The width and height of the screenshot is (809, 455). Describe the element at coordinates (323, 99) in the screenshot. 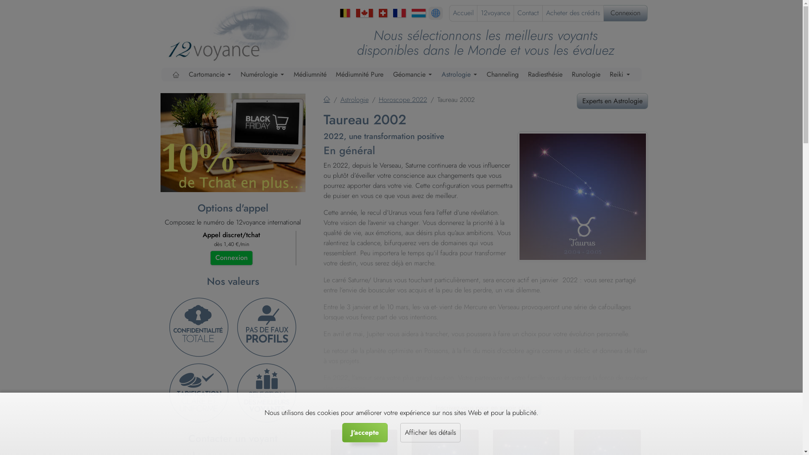

I see `'Accueil'` at that location.